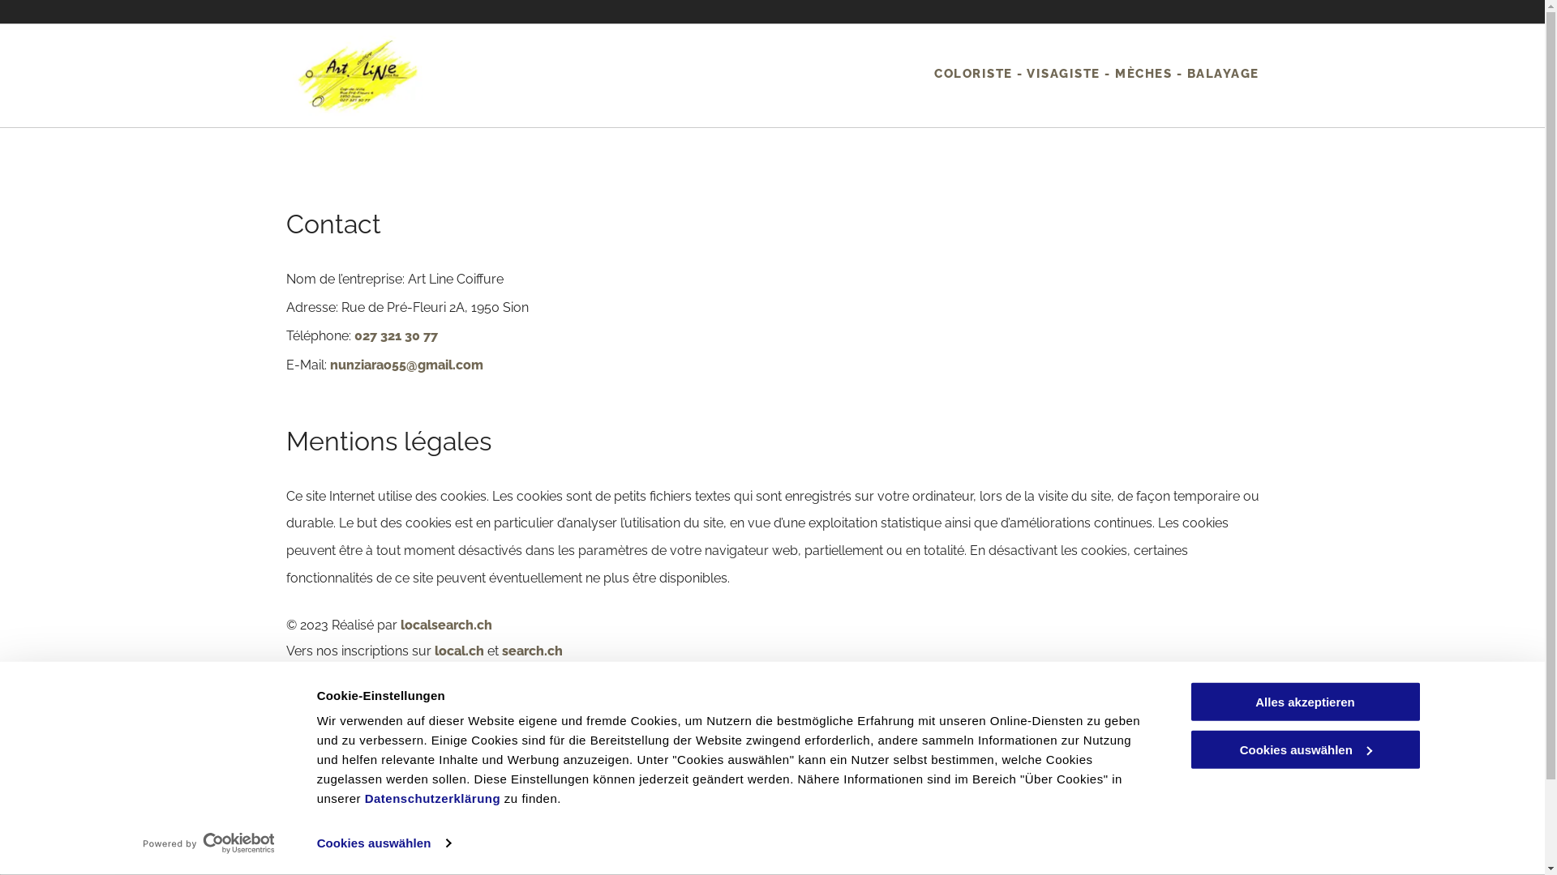 The width and height of the screenshot is (1557, 875). Describe the element at coordinates (446, 624) in the screenshot. I see `'localsearch.ch'` at that location.